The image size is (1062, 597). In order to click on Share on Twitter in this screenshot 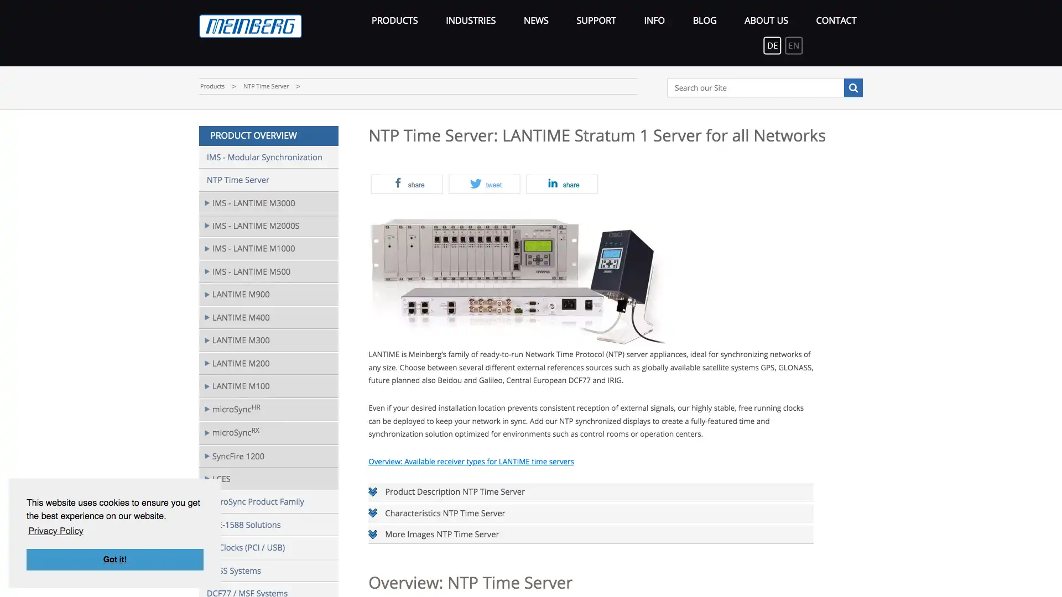, I will do `click(484, 184)`.